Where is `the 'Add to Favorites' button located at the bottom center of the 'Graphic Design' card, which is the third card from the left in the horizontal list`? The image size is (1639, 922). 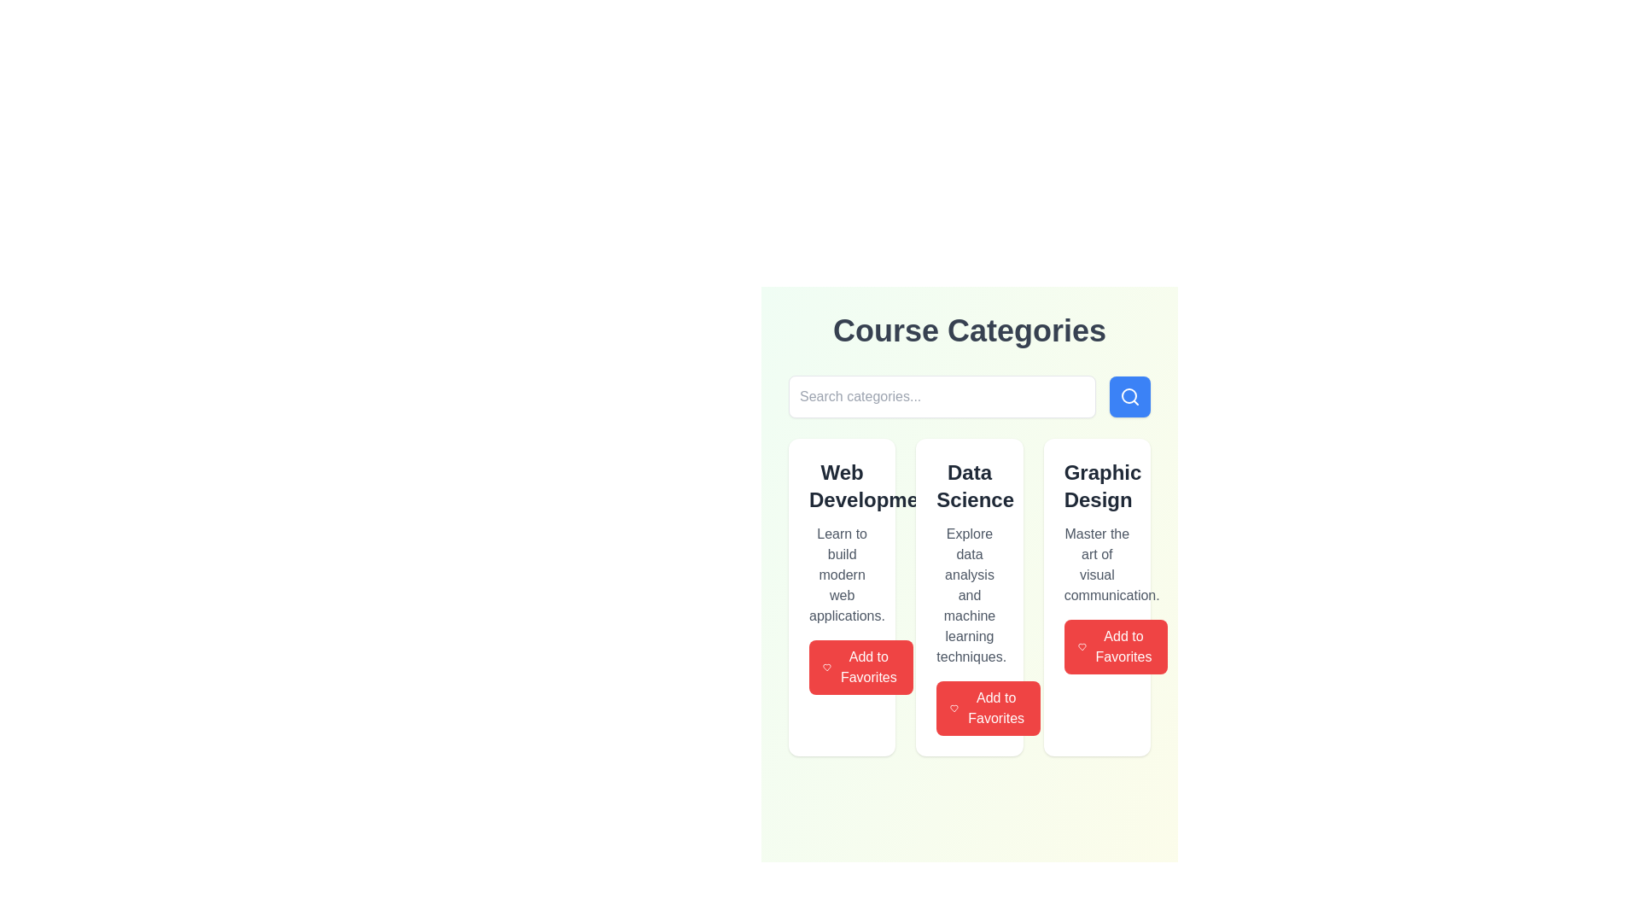
the 'Add to Favorites' button located at the bottom center of the 'Graphic Design' card, which is the third card from the left in the horizontal list is located at coordinates (1116, 647).